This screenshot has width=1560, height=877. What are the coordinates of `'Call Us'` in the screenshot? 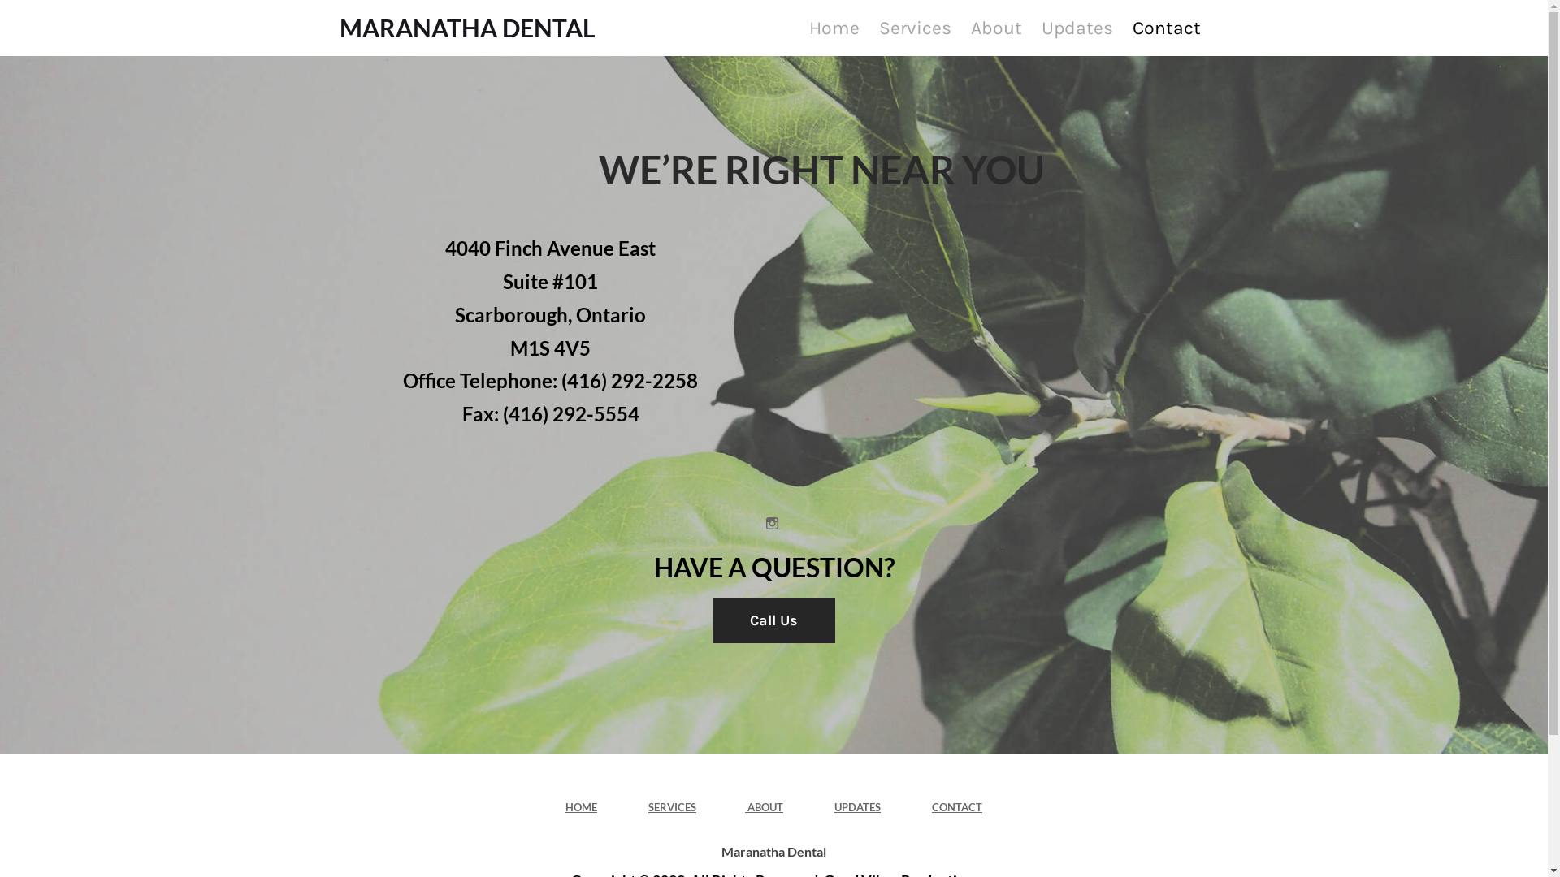 It's located at (773, 620).